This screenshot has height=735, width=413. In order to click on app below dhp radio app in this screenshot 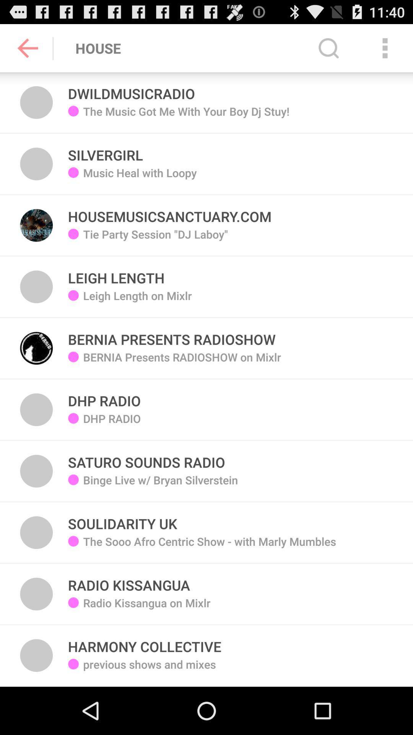, I will do `click(160, 485)`.